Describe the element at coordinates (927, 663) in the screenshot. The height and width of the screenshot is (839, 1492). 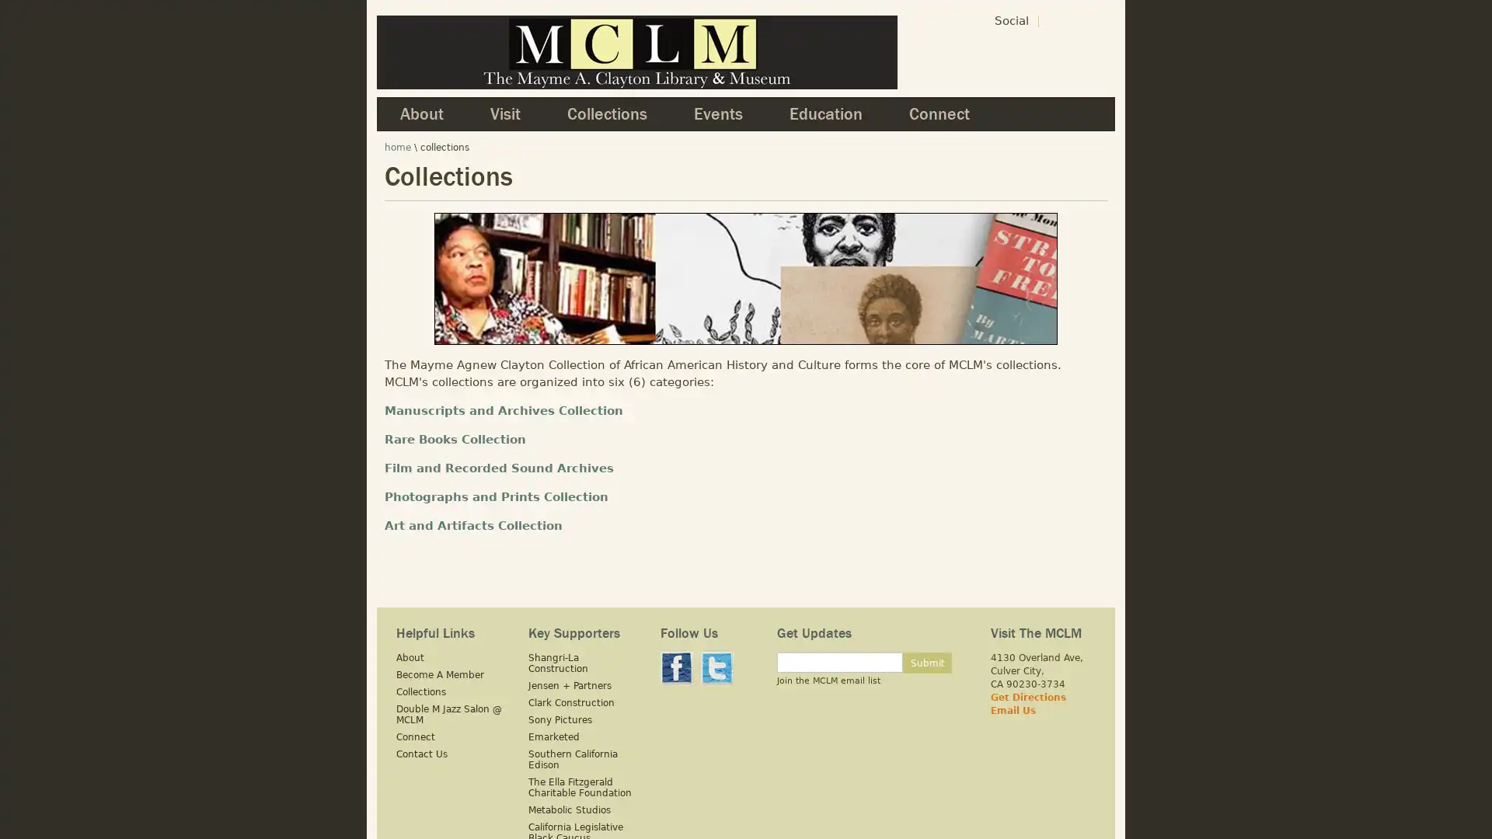
I see `Submit` at that location.